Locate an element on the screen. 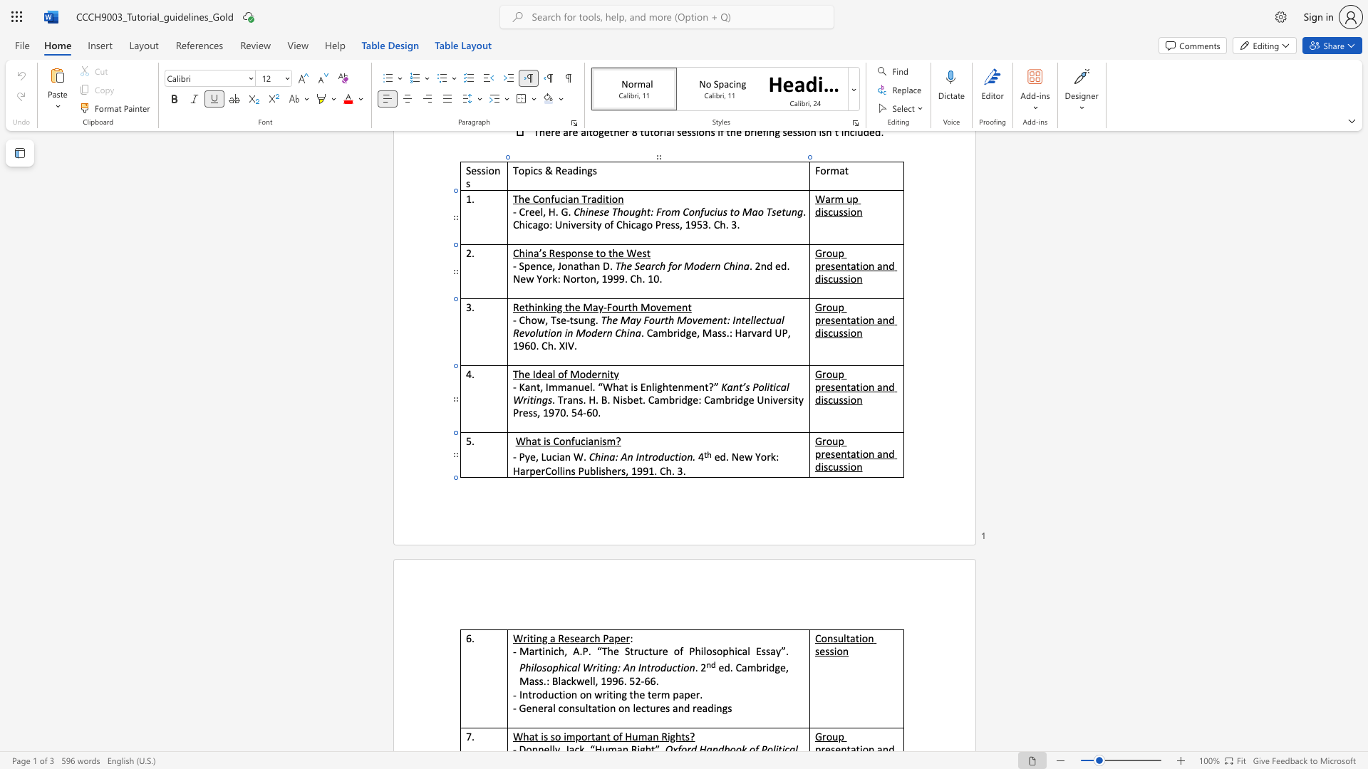 The width and height of the screenshot is (1368, 769). the space between the continuous character "e" and "," in the text is located at coordinates (534, 457).